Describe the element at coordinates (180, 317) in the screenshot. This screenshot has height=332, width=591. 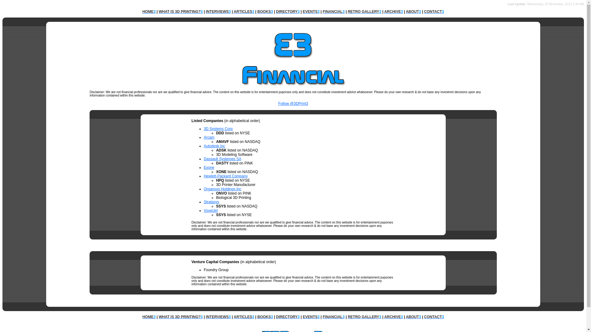
I see `'WHAT IS 3D PRINTING?3'` at that location.